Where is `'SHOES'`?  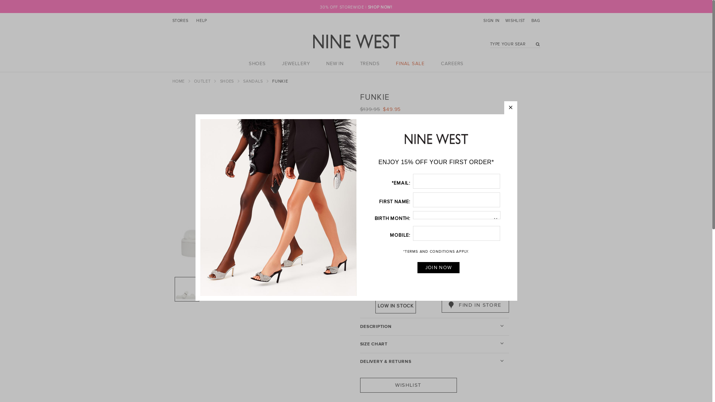 'SHOES' is located at coordinates (227, 81).